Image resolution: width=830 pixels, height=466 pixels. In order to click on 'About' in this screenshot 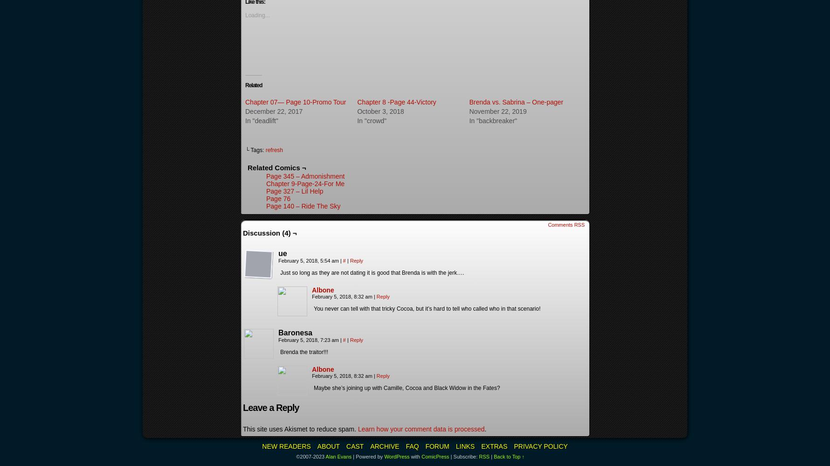, I will do `click(327, 446)`.